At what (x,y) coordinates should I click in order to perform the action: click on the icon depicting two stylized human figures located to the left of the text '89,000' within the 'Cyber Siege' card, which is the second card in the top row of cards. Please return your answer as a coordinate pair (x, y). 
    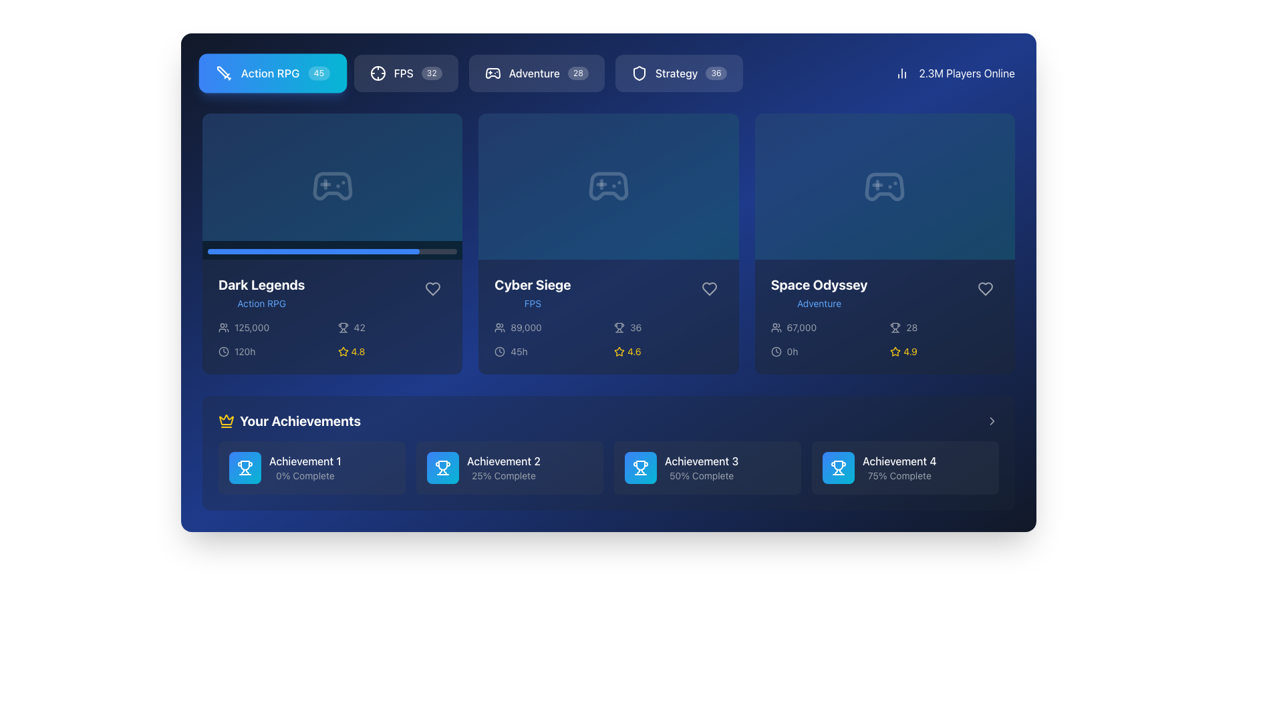
    Looking at the image, I should click on (499, 327).